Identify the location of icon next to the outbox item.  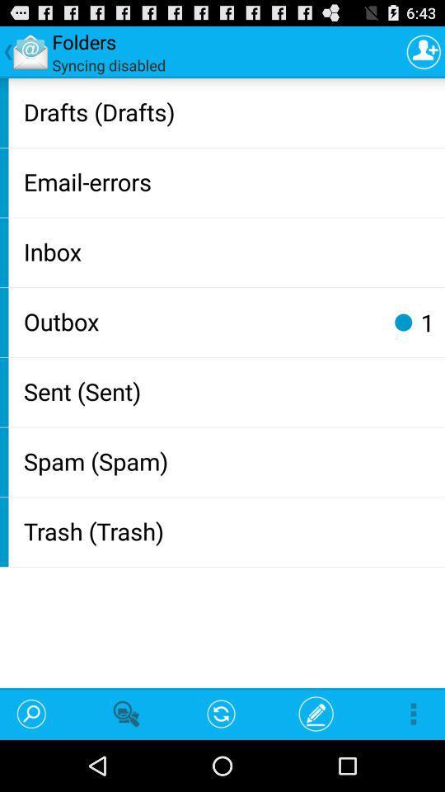
(402, 321).